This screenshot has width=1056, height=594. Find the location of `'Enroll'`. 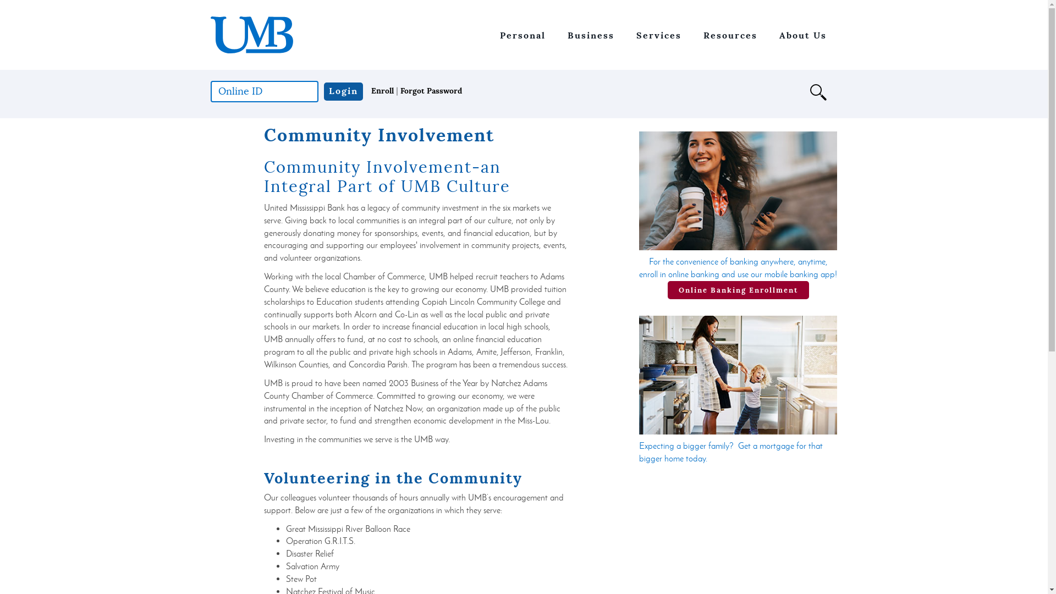

'Enroll' is located at coordinates (382, 90).